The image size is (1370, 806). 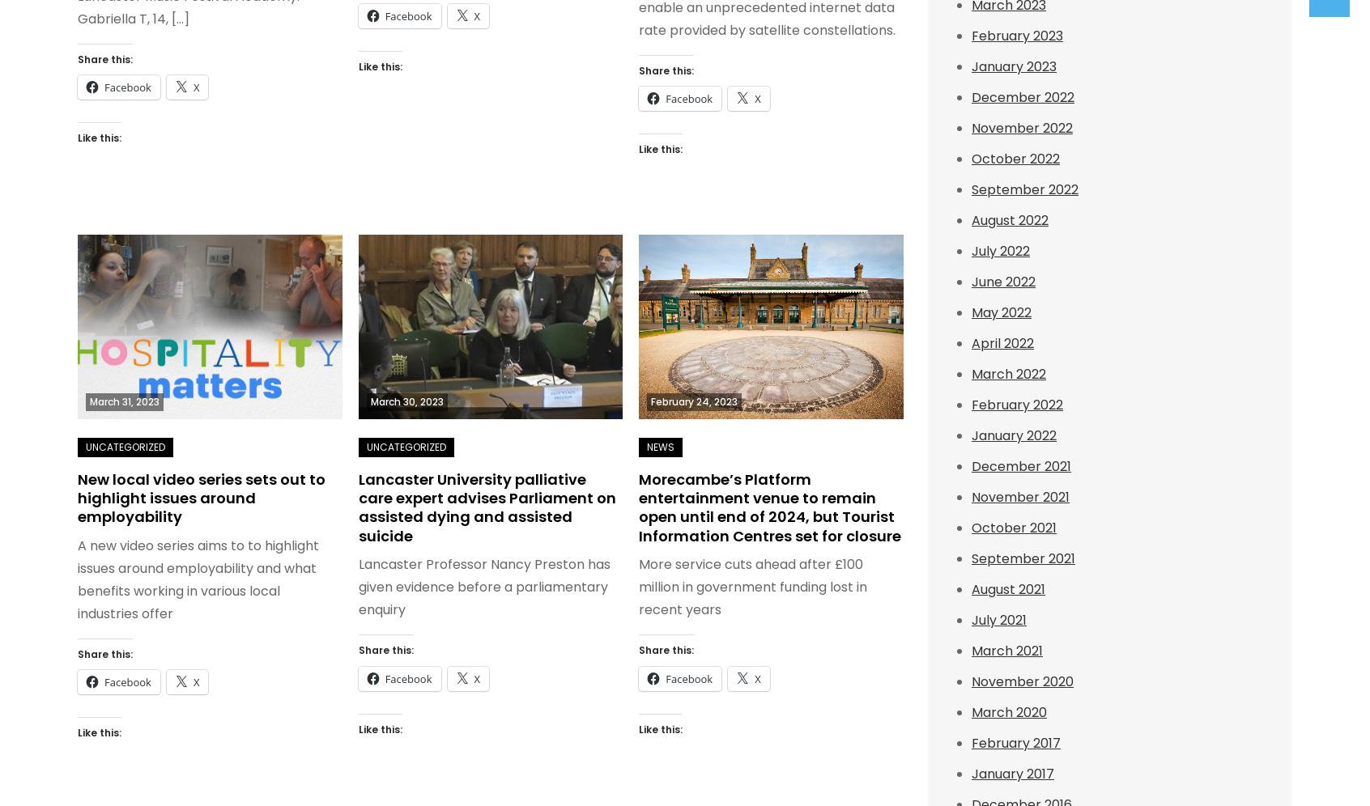 I want to click on 'January 2022', so click(x=1014, y=435).